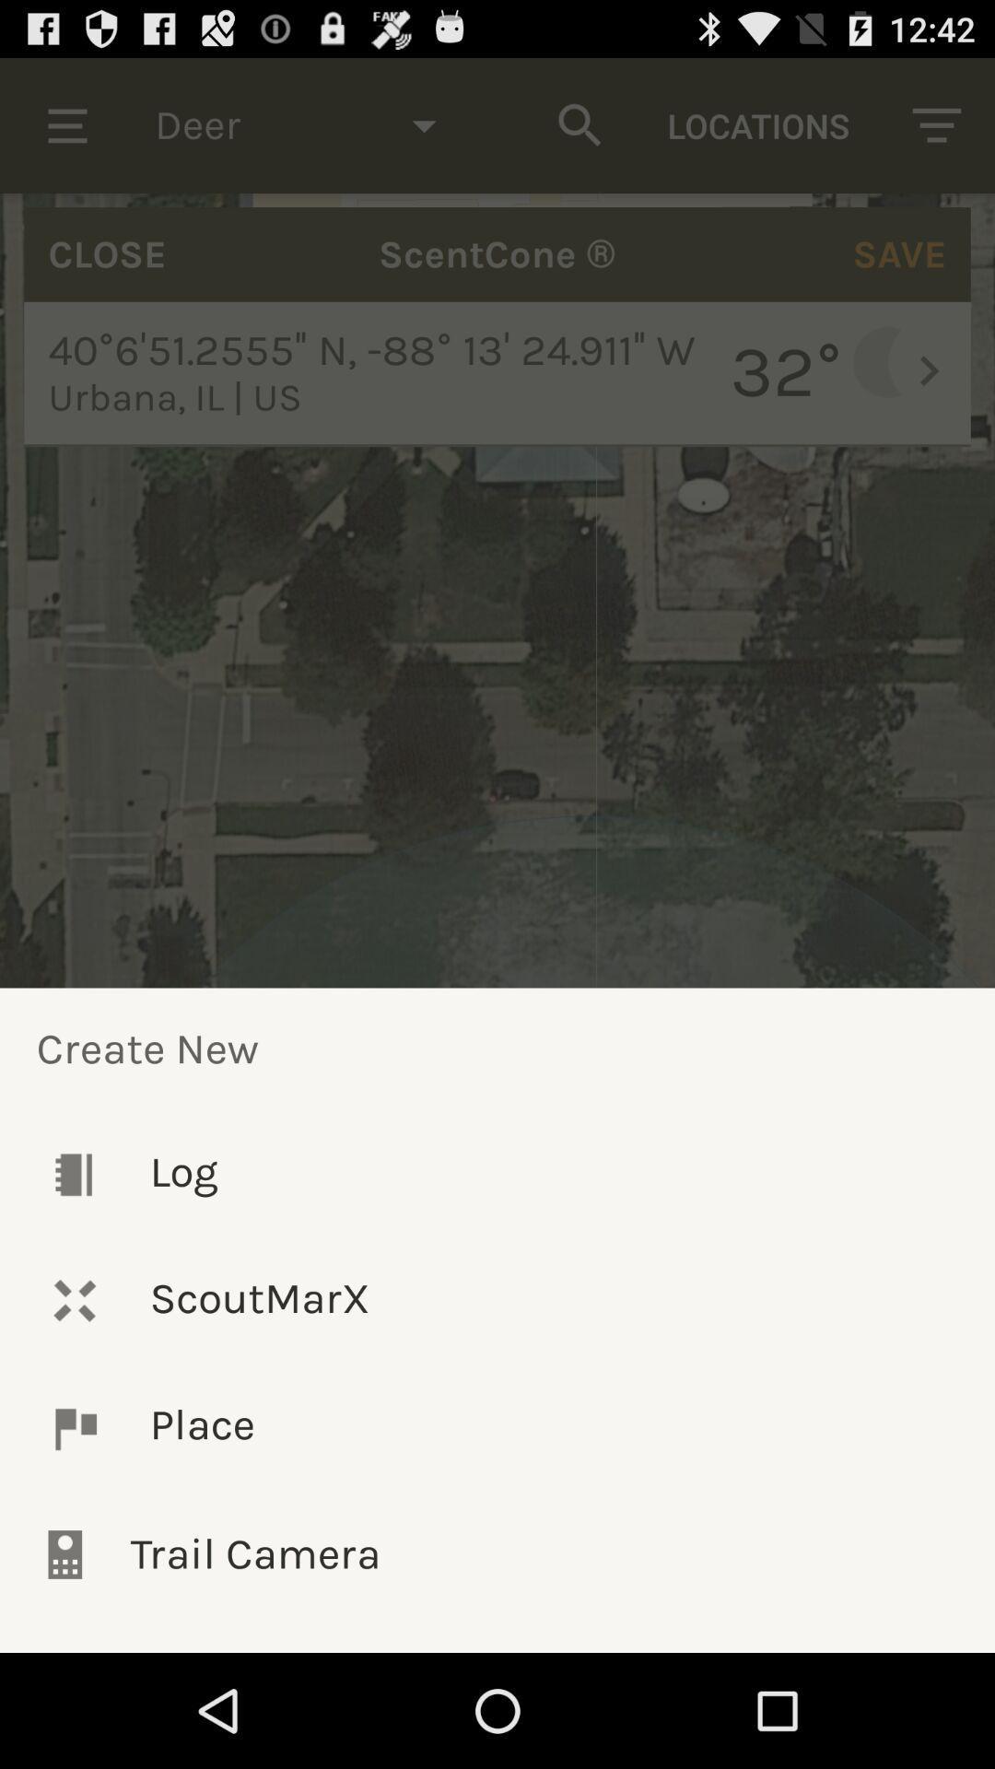 Image resolution: width=995 pixels, height=1769 pixels. Describe the element at coordinates (497, 1299) in the screenshot. I see `scoutmarx icon` at that location.